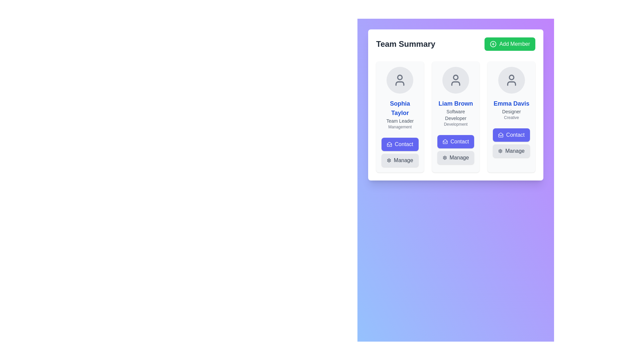 This screenshot has width=642, height=361. Describe the element at coordinates (389, 144) in the screenshot. I see `the mail symbol icon located above the 'Contact' button for user 'Liam Brown', which visually reinforces the button's function related to communication` at that location.